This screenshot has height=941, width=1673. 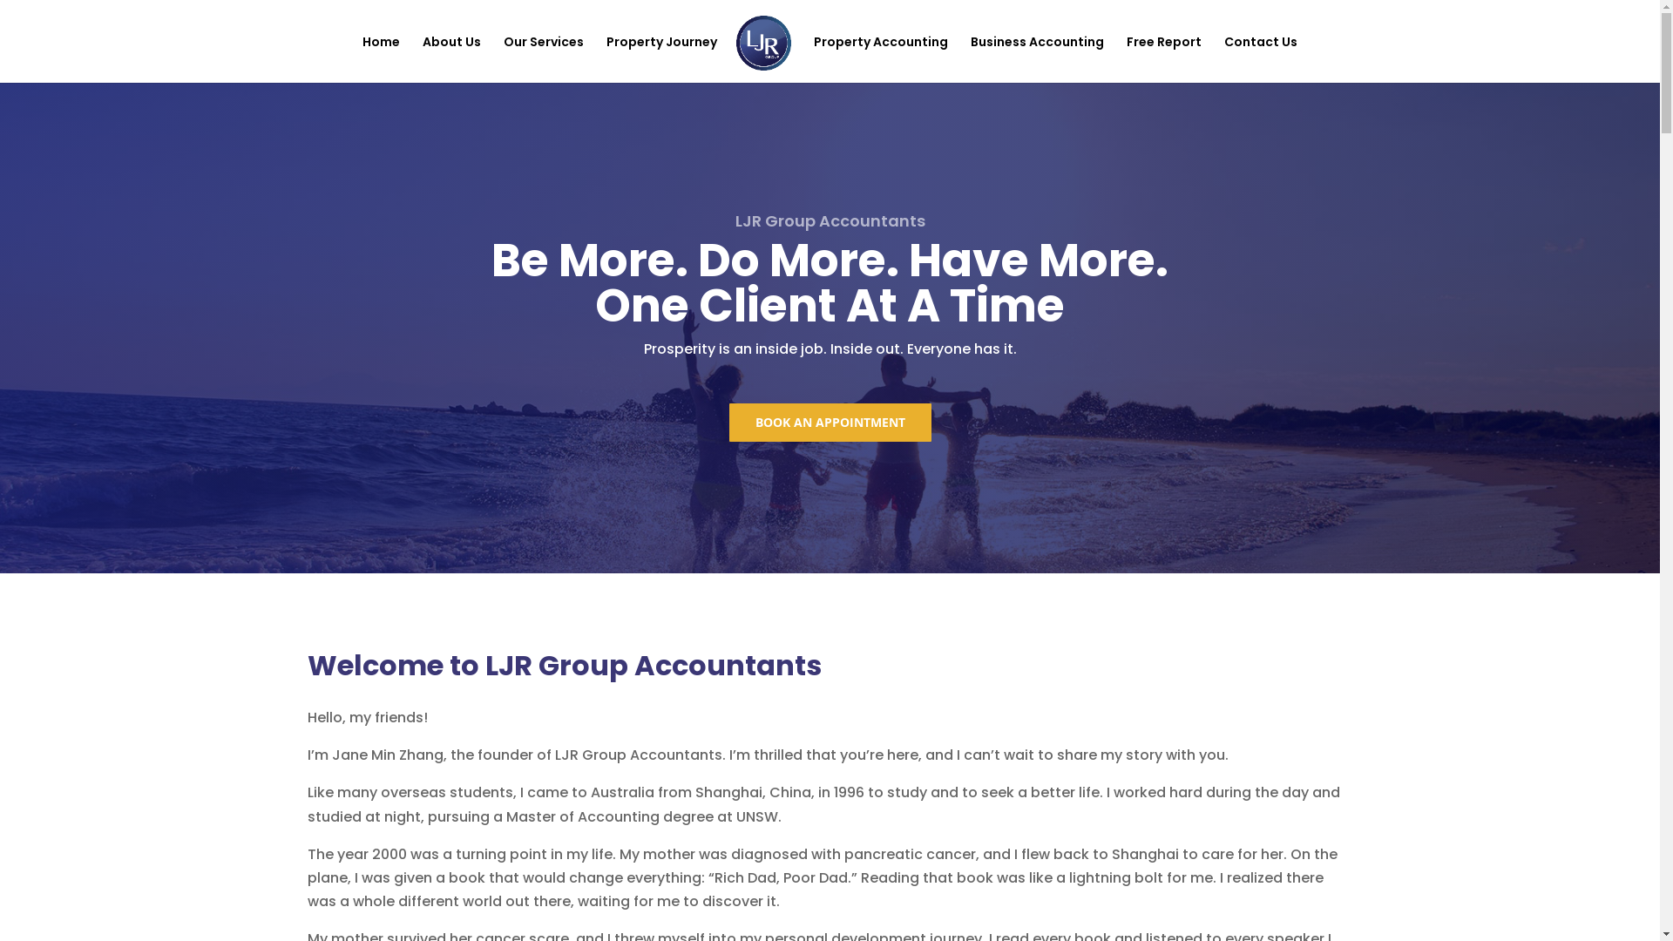 What do you see at coordinates (1037, 58) in the screenshot?
I see `'Business Accounting'` at bounding box center [1037, 58].